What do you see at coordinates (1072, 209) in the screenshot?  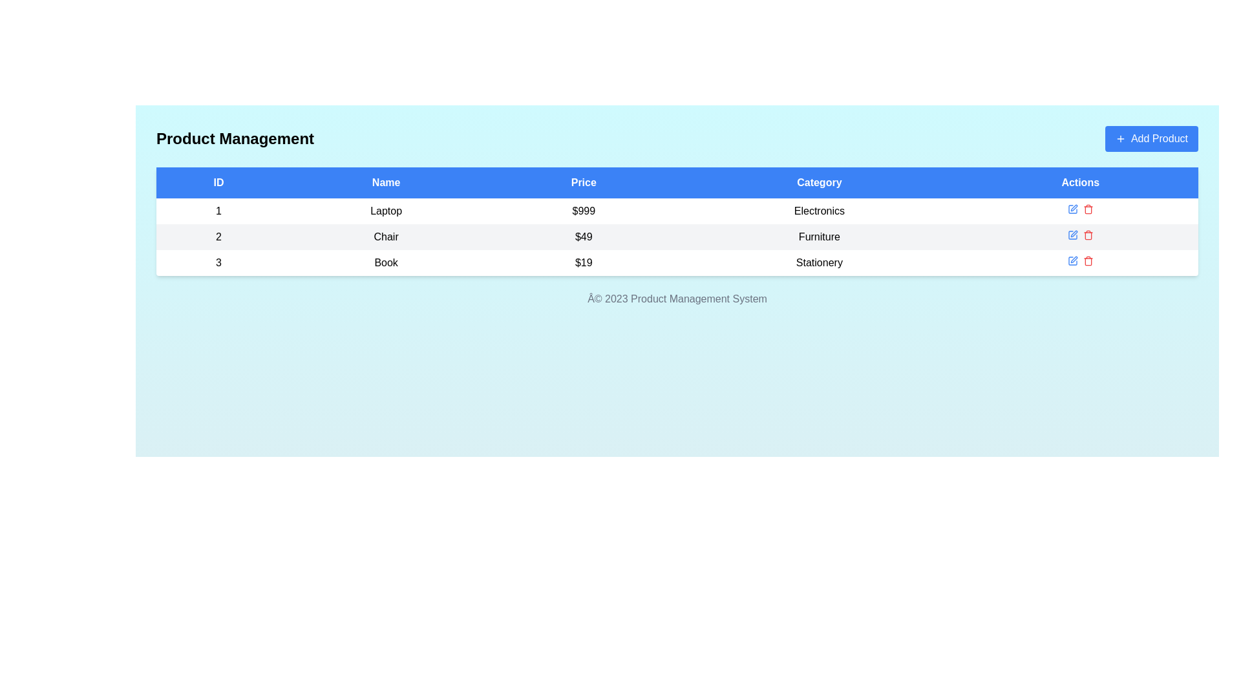 I see `the edit button represented by a blue pen icon located in the far-right cell of the first row under the 'Actions' column` at bounding box center [1072, 209].